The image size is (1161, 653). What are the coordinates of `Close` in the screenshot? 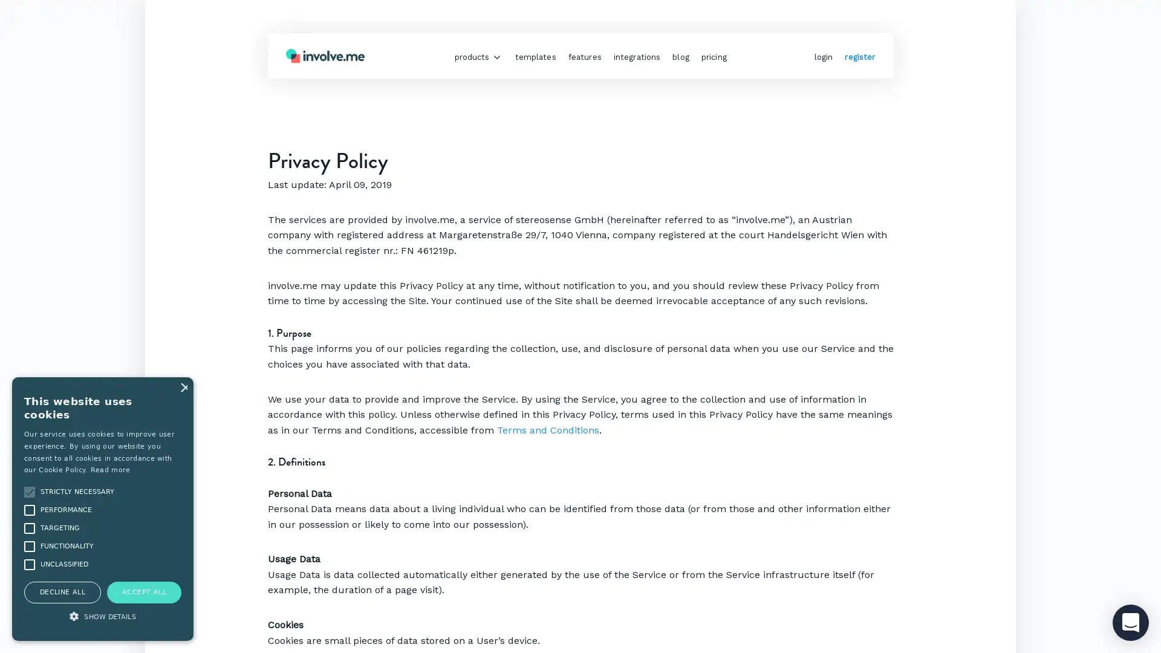 It's located at (182, 387).